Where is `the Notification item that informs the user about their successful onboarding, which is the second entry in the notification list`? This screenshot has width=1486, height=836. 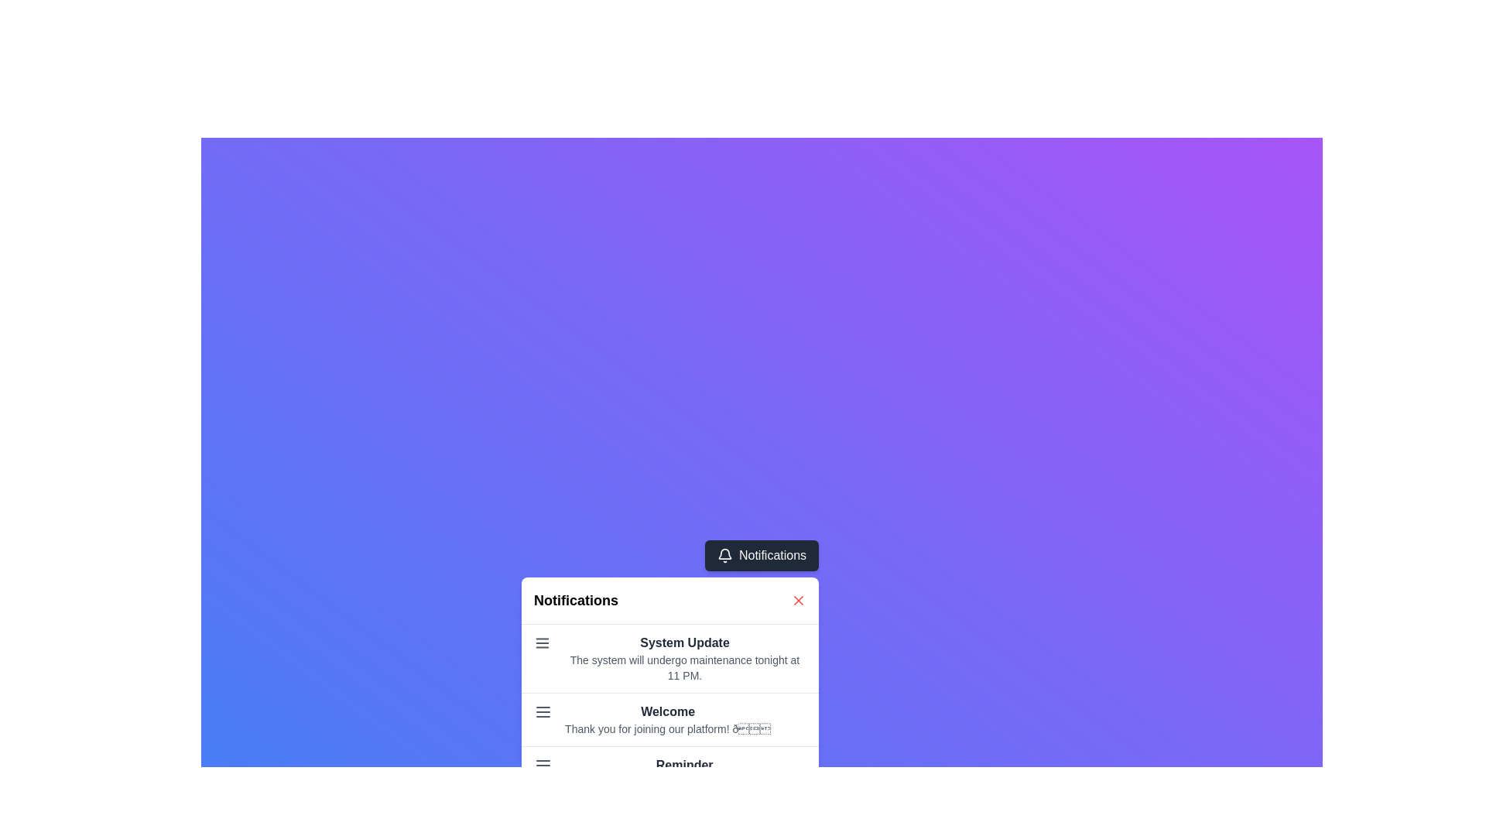 the Notification item that informs the user about their successful onboarding, which is the second entry in the notification list is located at coordinates (670, 719).